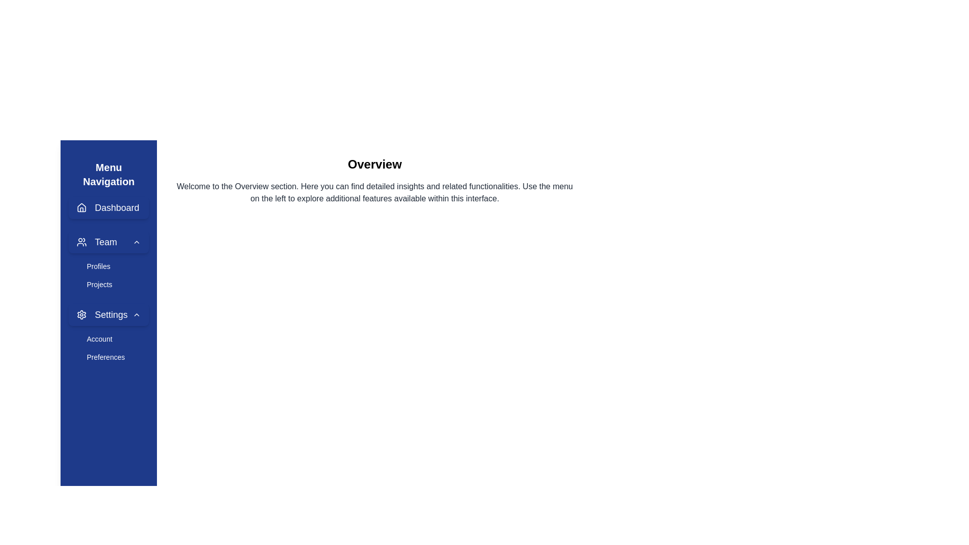 The width and height of the screenshot is (969, 545). What do you see at coordinates (115, 357) in the screenshot?
I see `the 'Preferences' navigation link, which is styled in white text on a blue background, located under the 'Account' subsection in the Settings section of the vertical navigation menu` at bounding box center [115, 357].